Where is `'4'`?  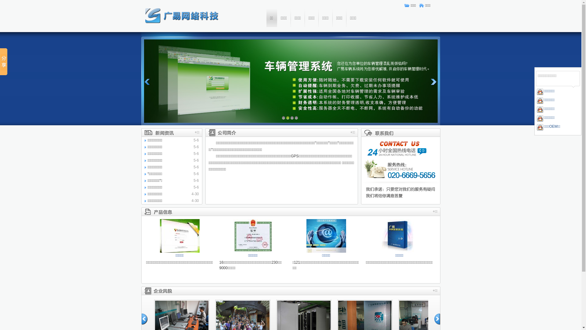 '4' is located at coordinates (296, 118).